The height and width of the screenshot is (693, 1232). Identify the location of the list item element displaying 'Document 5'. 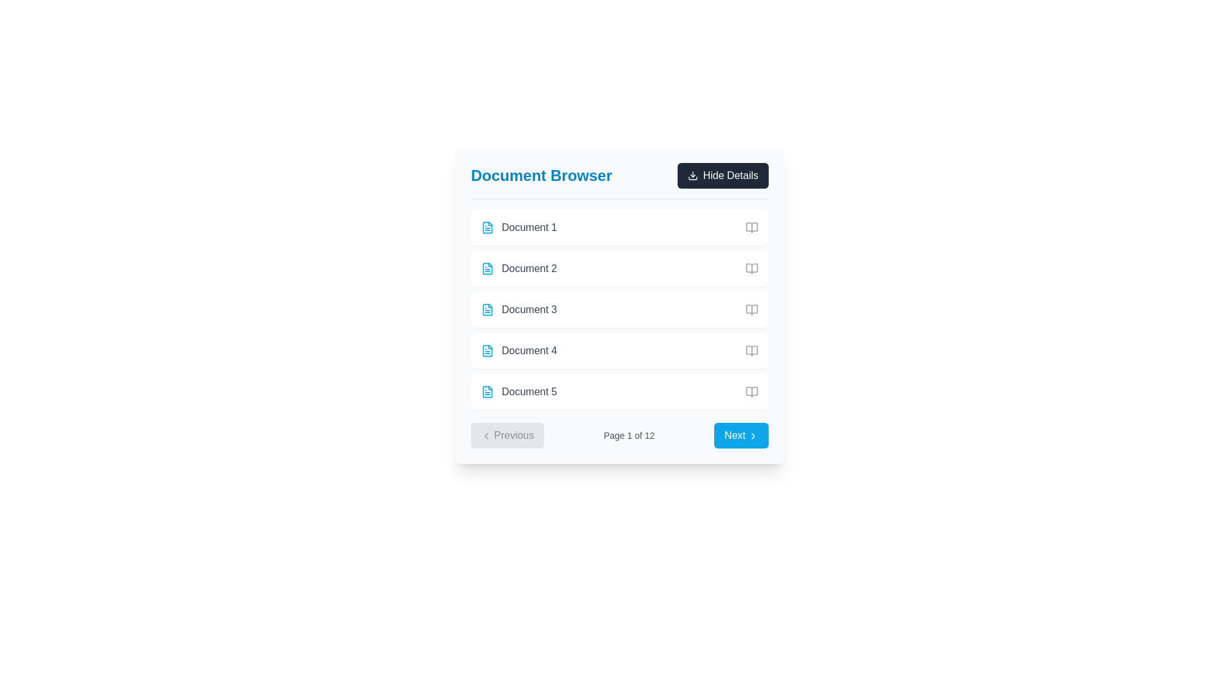
(519, 391).